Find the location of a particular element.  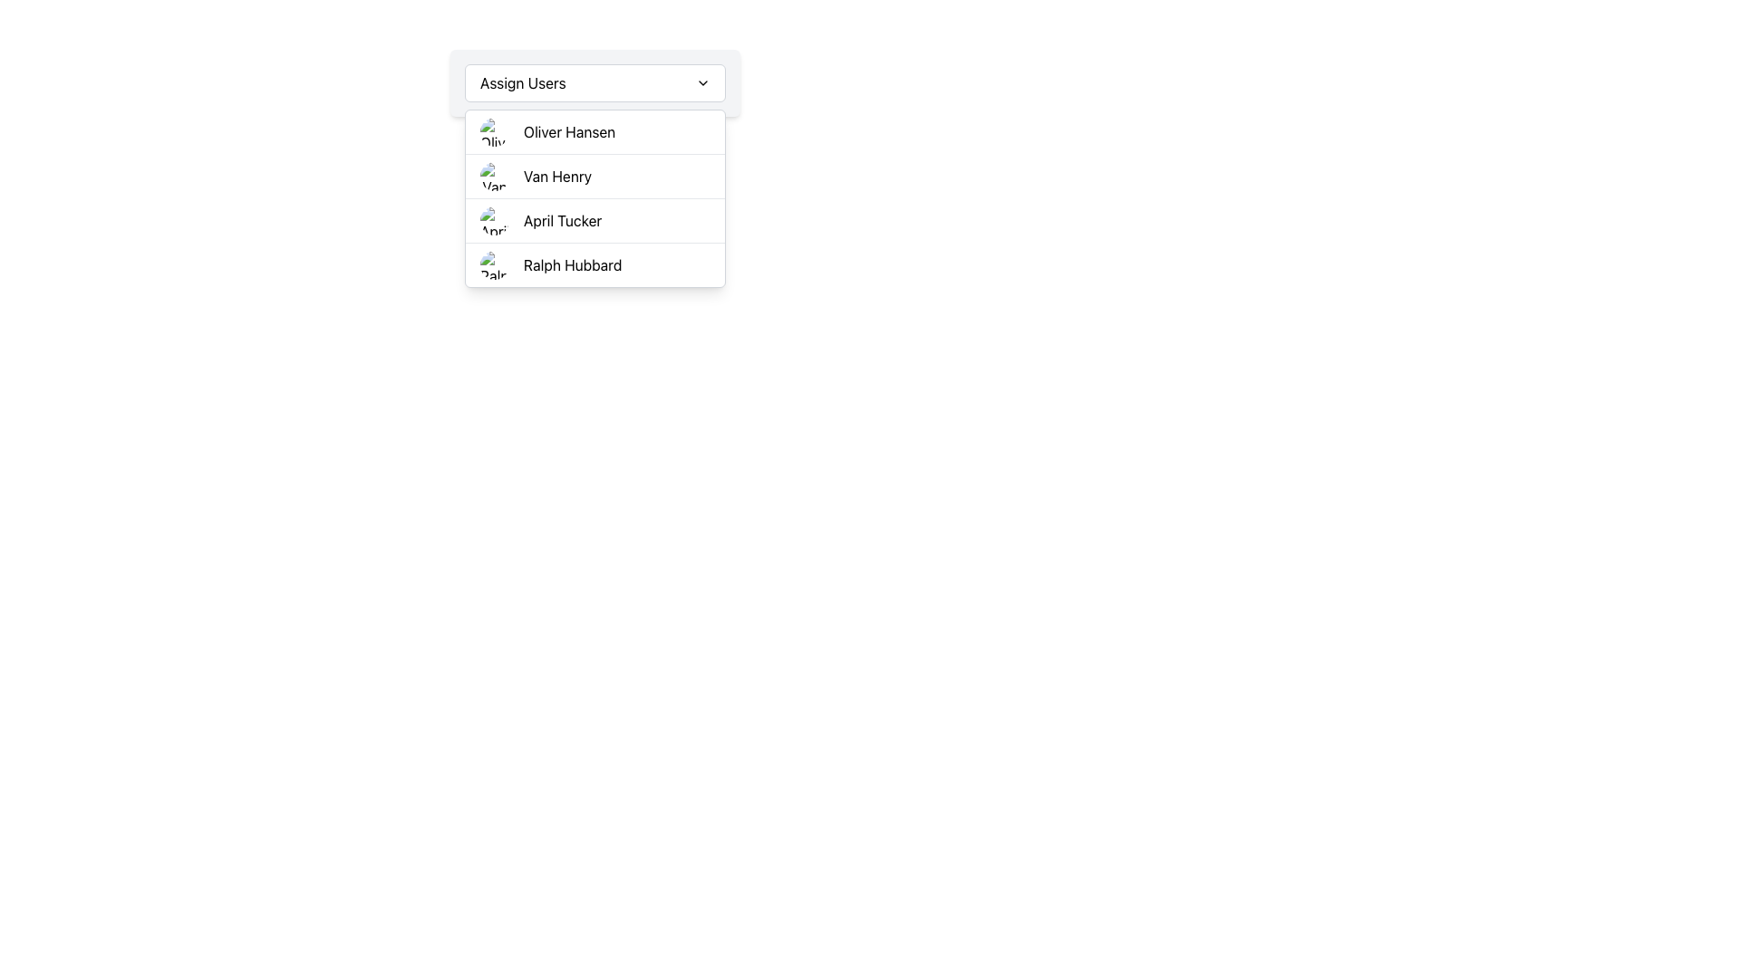

the text label indicating the user name 'Oliver Hansen' located in the second item of the 'Assign Users' dropdown list is located at coordinates (568, 131).